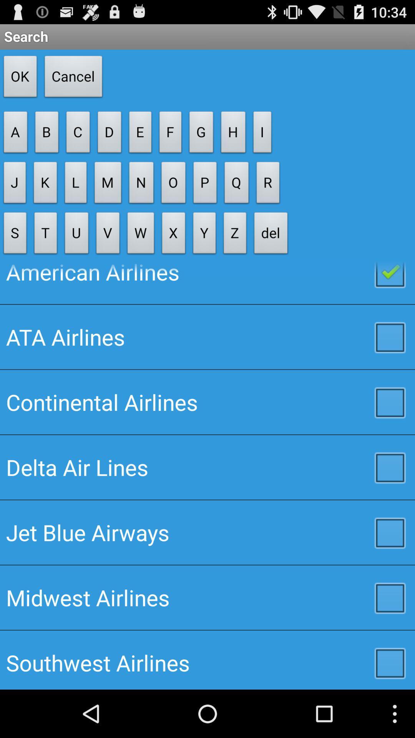 The image size is (415, 738). What do you see at coordinates (207, 282) in the screenshot?
I see `checkbox above ata airlines icon` at bounding box center [207, 282].